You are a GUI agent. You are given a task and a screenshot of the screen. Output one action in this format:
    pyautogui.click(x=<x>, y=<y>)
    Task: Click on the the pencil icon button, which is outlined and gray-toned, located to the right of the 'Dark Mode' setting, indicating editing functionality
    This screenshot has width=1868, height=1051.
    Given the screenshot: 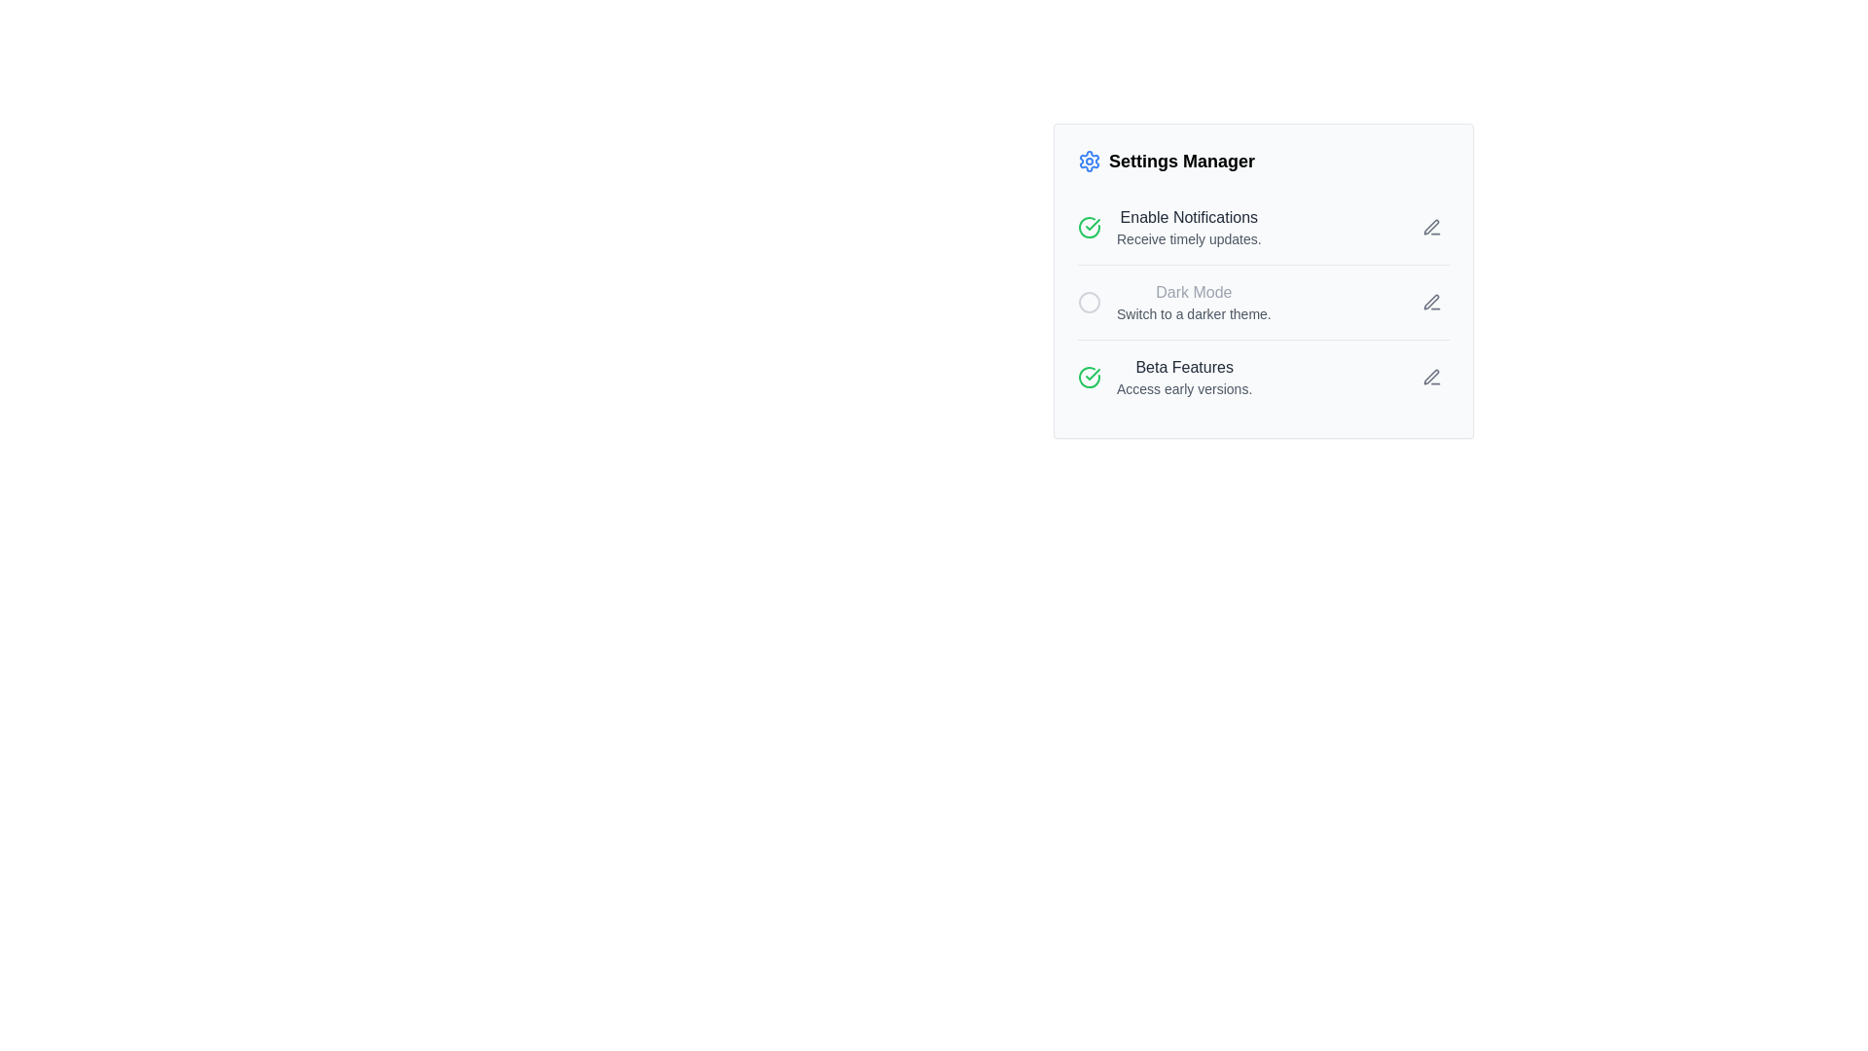 What is the action you would take?
    pyautogui.click(x=1432, y=303)
    